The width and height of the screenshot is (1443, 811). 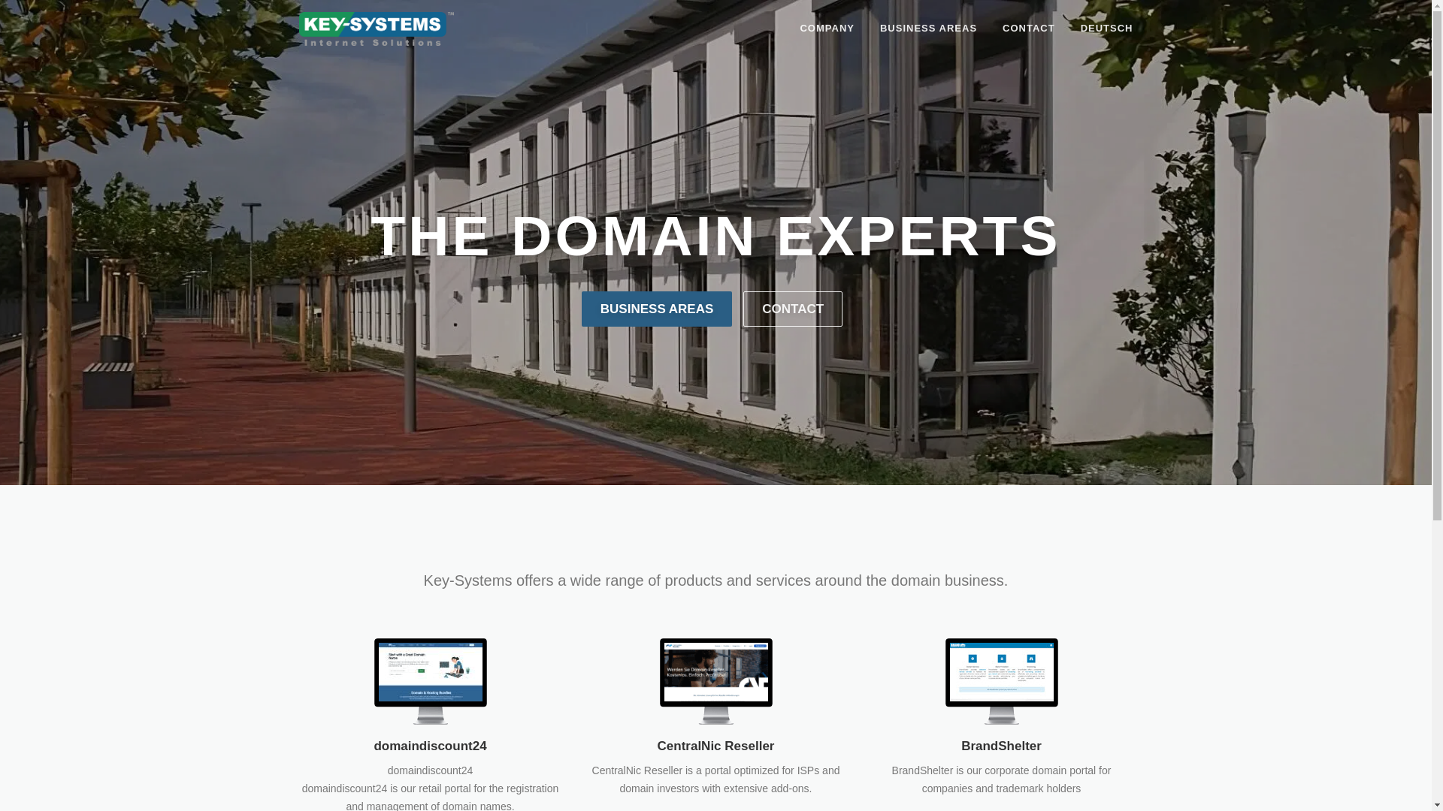 I want to click on 'COMPANY', so click(x=825, y=28).